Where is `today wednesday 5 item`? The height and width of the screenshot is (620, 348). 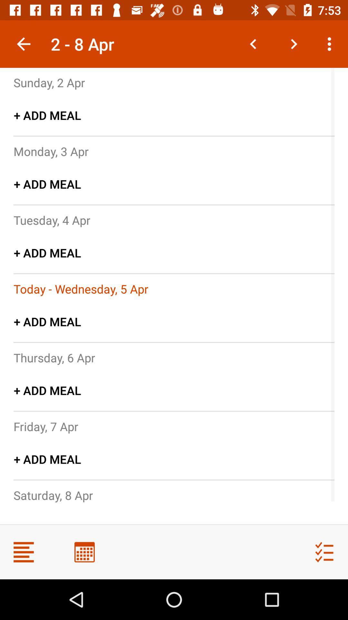 today wednesday 5 item is located at coordinates (81, 288).